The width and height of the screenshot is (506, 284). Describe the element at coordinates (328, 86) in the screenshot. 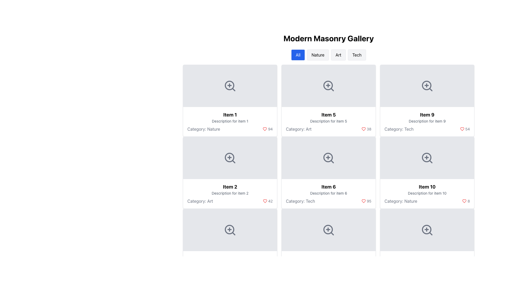

I see `the center of the magnifying glass icon with a plus sign located in the upper-center portion of the 'Item 5' card to zoom in` at that location.